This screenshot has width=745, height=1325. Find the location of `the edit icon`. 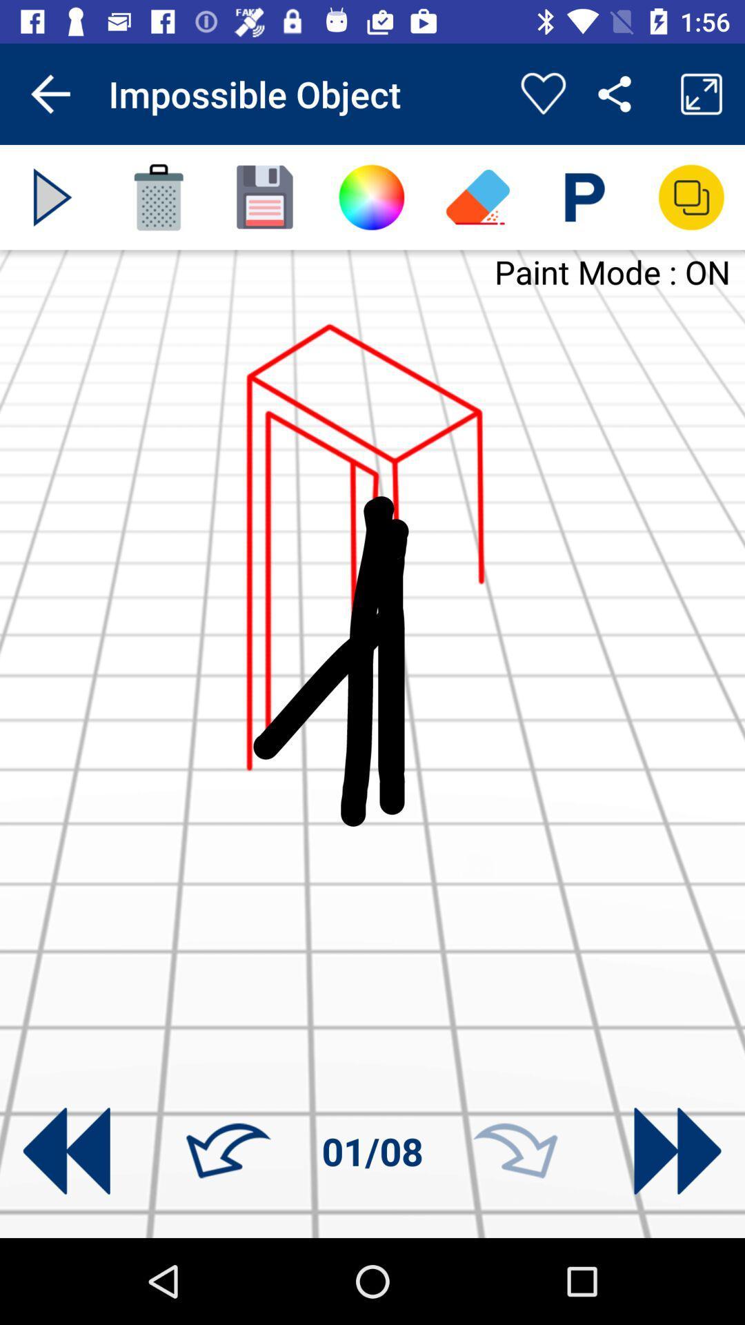

the edit icon is located at coordinates (477, 197).